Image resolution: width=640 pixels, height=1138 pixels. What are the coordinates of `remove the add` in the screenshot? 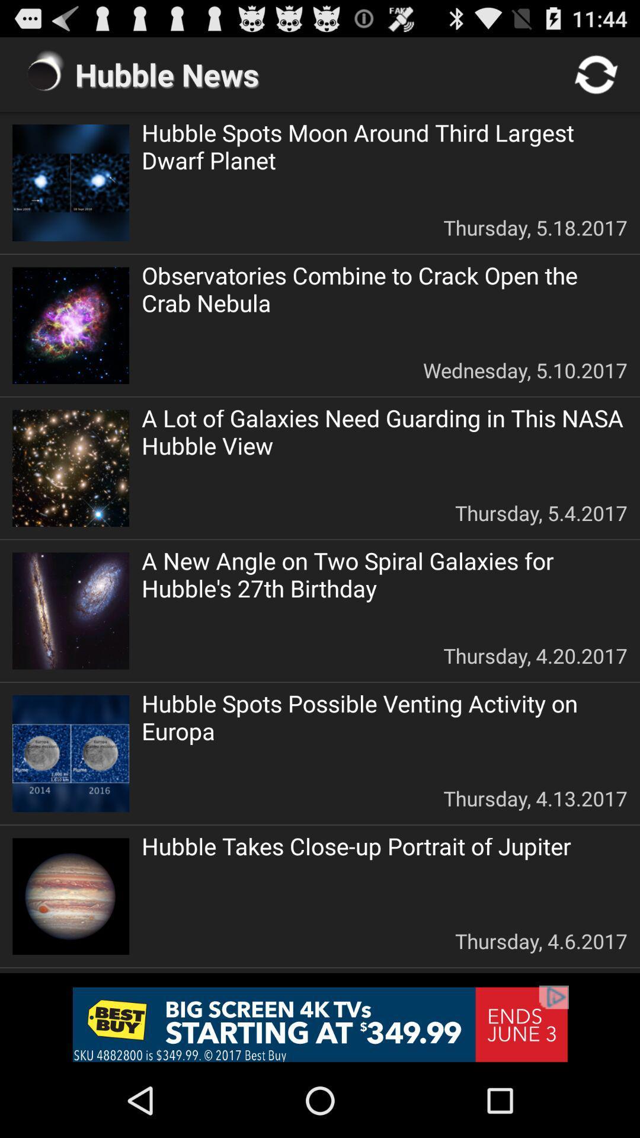 It's located at (320, 1024).